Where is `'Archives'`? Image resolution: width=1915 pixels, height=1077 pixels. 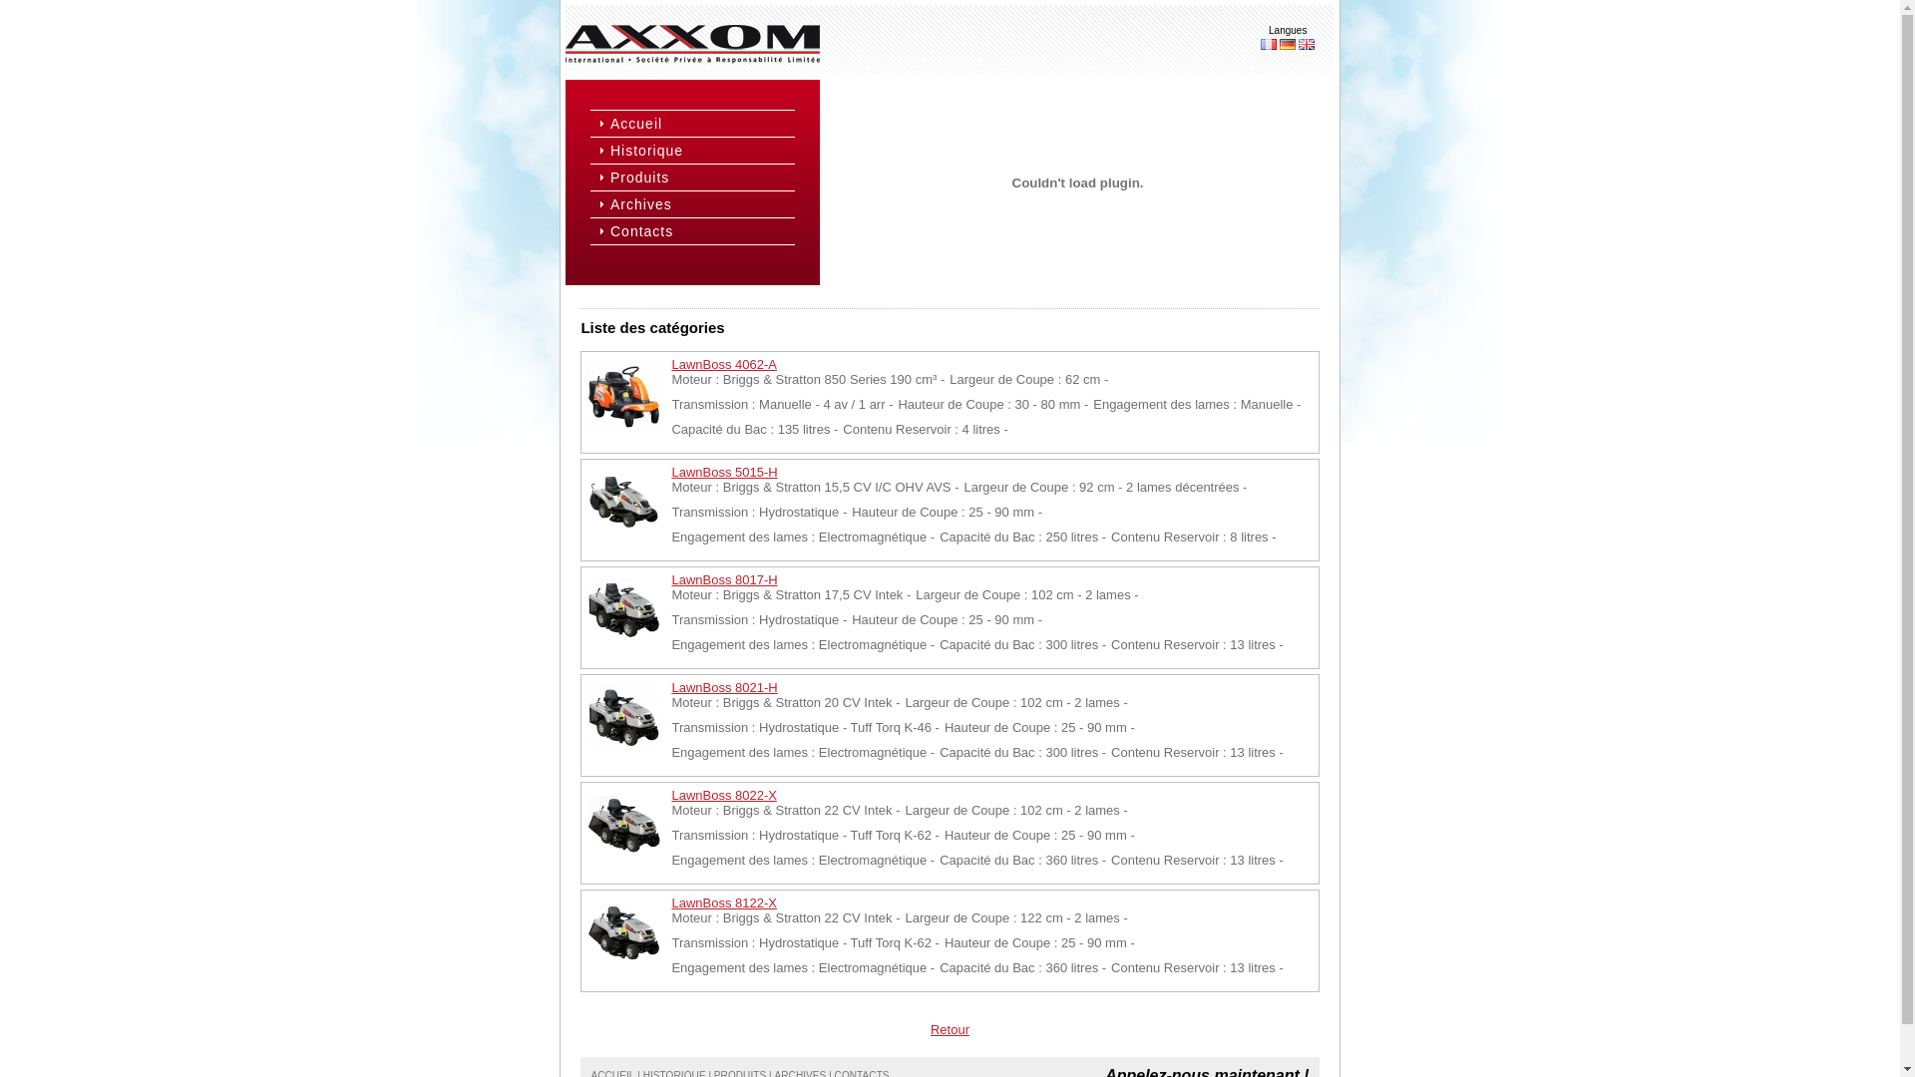 'Archives' is located at coordinates (700, 203).